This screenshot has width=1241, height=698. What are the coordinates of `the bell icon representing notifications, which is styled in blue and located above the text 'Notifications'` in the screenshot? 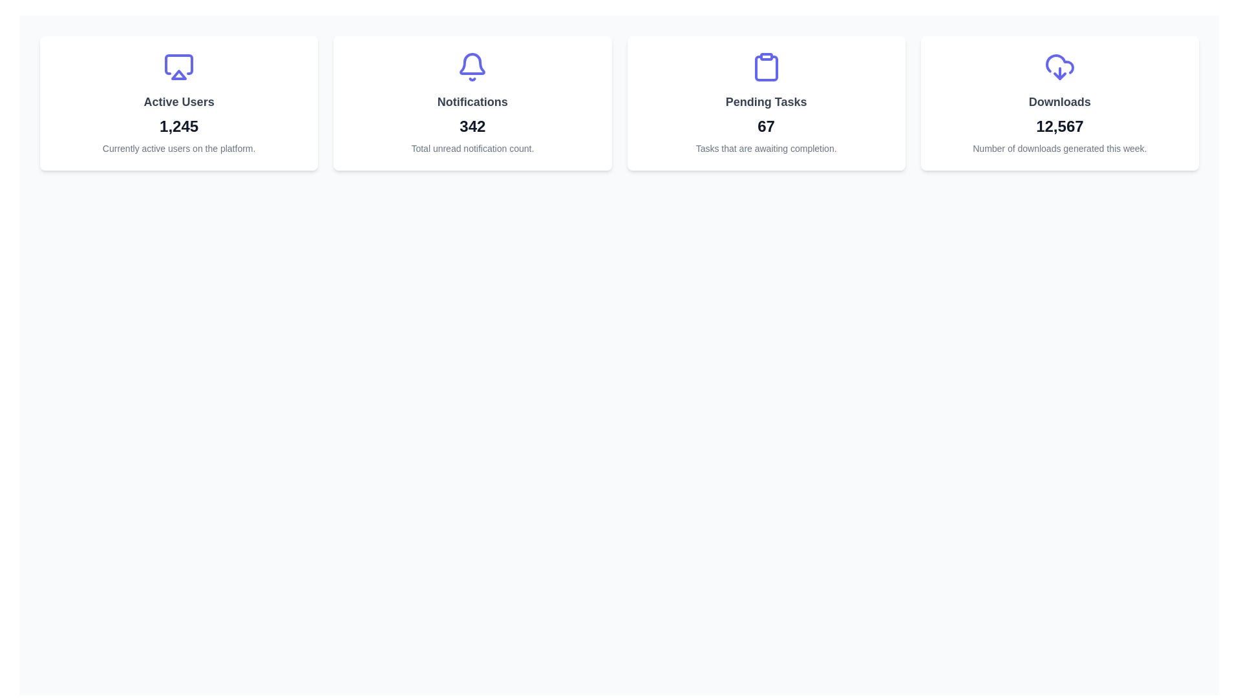 It's located at (472, 64).